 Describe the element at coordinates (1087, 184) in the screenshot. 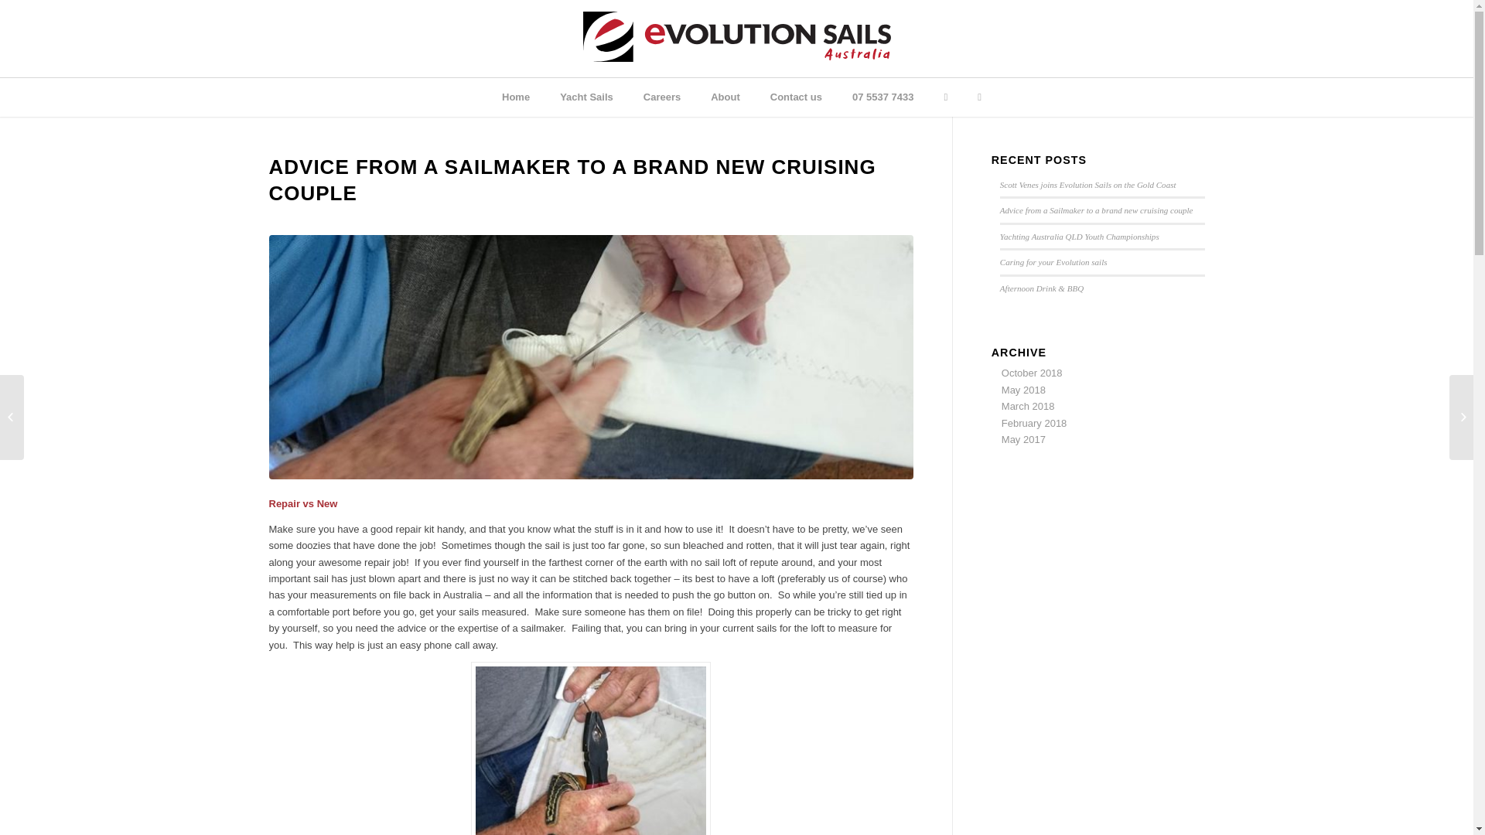

I see `'Scott Venes joins Evolution Sails on the Gold Coast'` at that location.